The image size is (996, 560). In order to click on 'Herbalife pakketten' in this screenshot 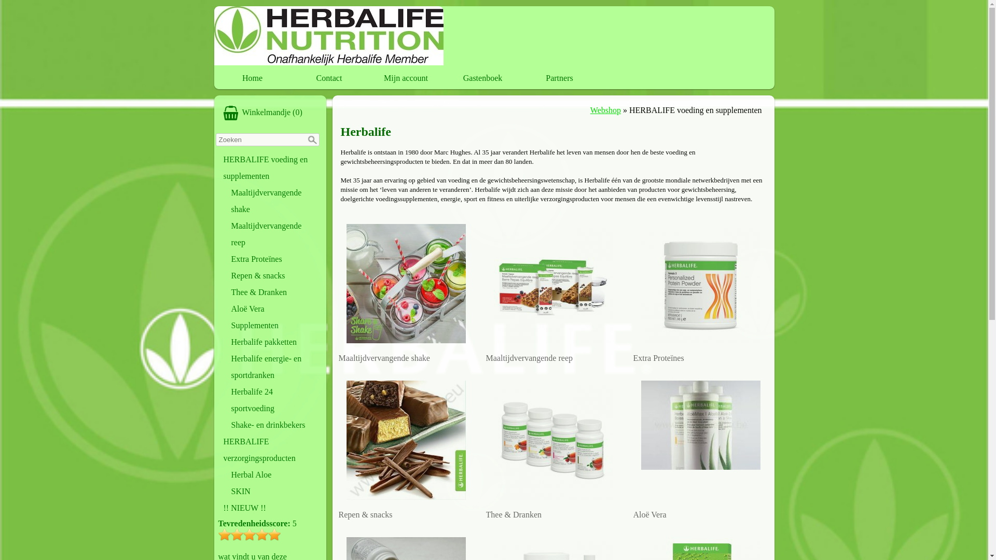, I will do `click(273, 342)`.